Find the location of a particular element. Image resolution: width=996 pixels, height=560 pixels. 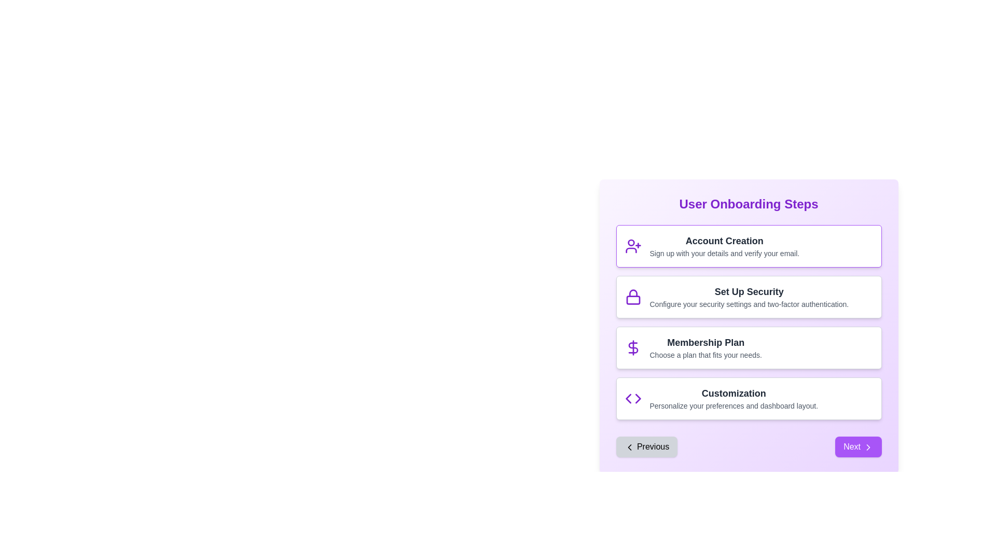

the SVG icon representing coding brackets '<>' styled in purple, which is located in the left portion of the 'Customization' card, the last card in the vertical onboarding steps list is located at coordinates (632, 398).